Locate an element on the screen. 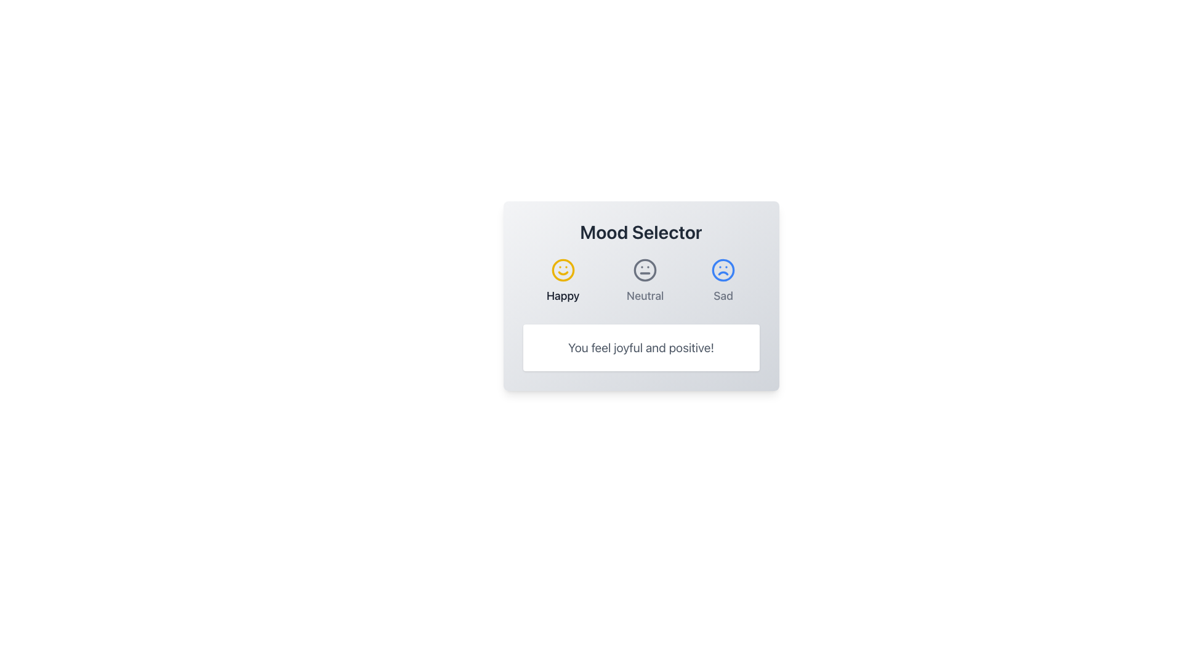 The height and width of the screenshot is (665, 1182). the neutral mood selector button, which is represented by a circle with a neutral face and the word 'Neutral' below it is located at coordinates (645, 281).